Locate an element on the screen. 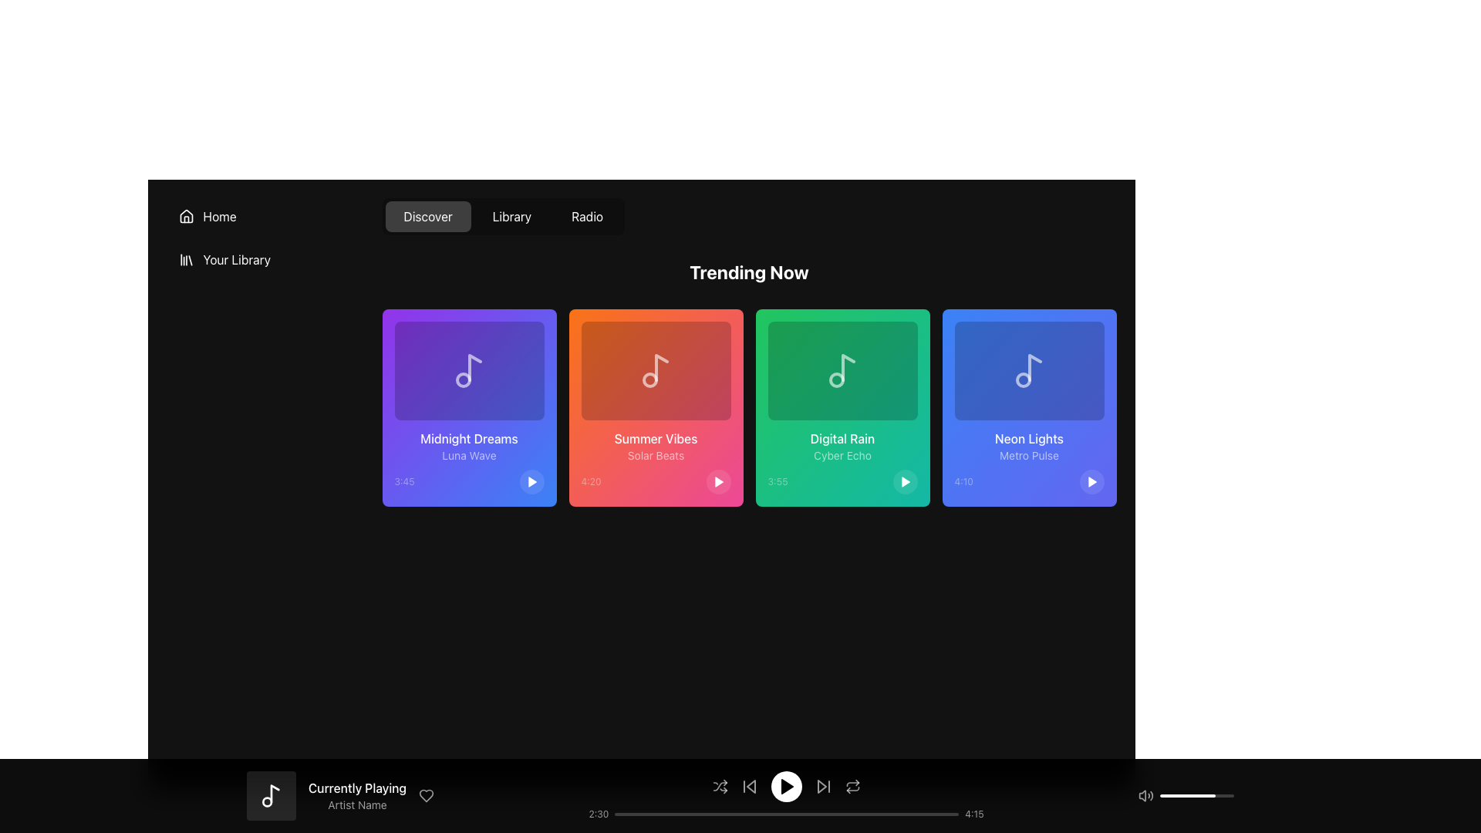 The height and width of the screenshot is (833, 1481). the audio output icon located at the far left of the media control bar is located at coordinates (1145, 796).